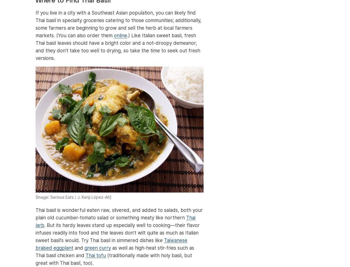  Describe the element at coordinates (118, 46) in the screenshot. I see `'.) Like Italian sweet basil, fresh Thai basil leaves should have a bright color and a not-droopy demeanor, and they don't take too well to drying, so take the time to seek out fresh versions.'` at that location.